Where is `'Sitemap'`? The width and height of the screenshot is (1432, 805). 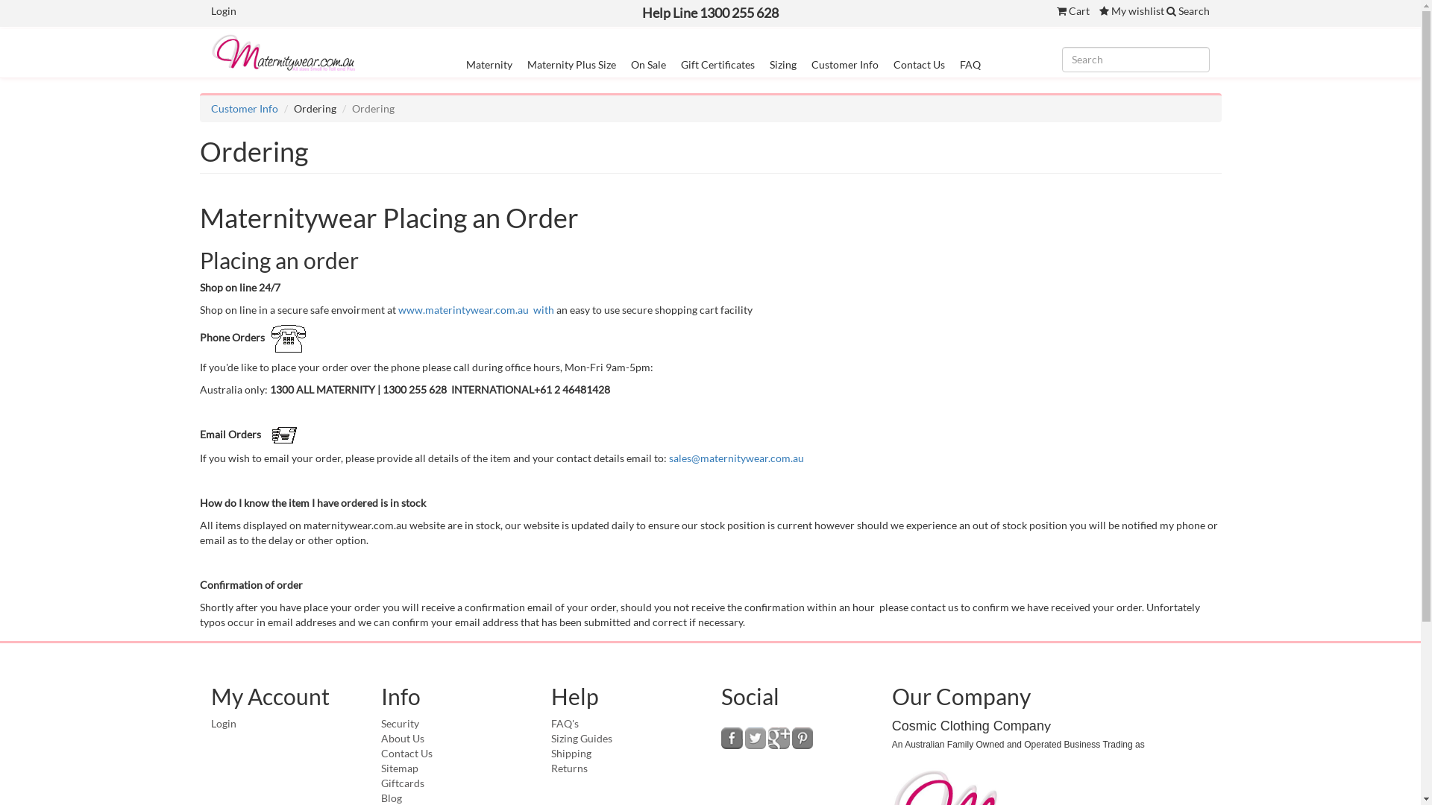
'Sitemap' is located at coordinates (400, 768).